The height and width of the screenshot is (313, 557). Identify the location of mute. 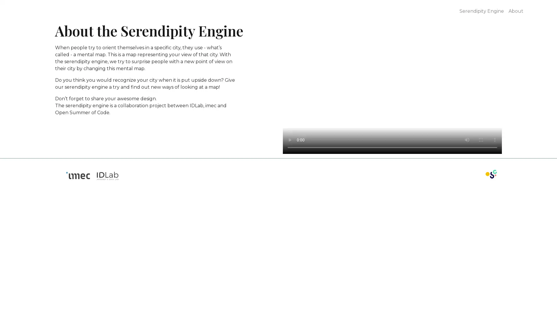
(467, 140).